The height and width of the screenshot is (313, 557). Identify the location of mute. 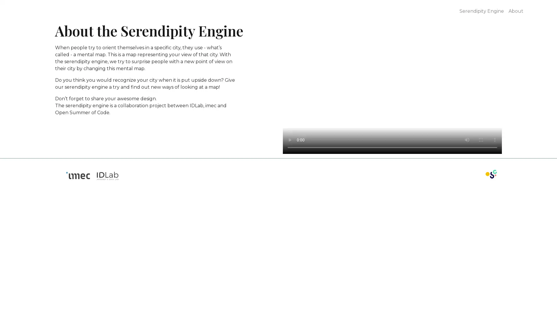
(467, 140).